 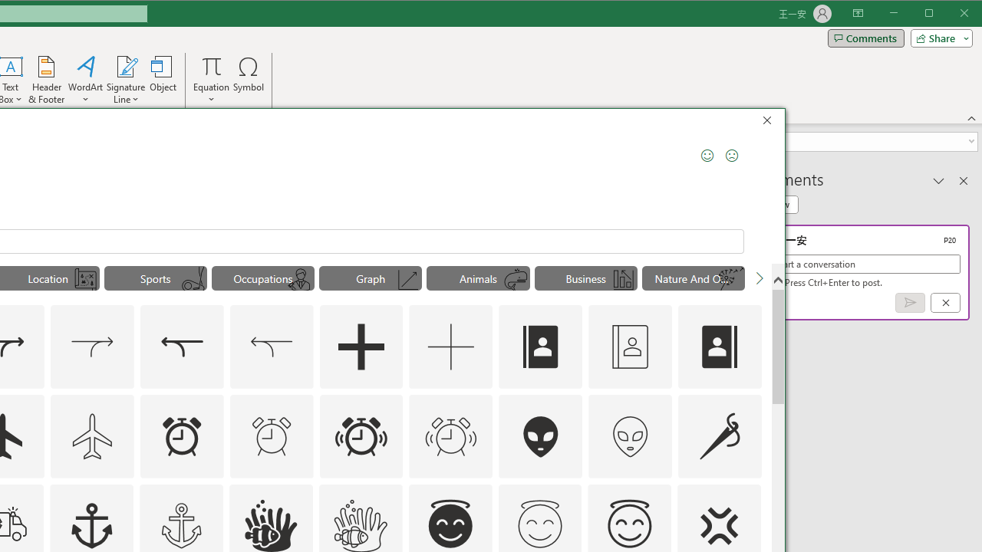 What do you see at coordinates (361, 347) in the screenshot?
I see `'AutomationID: Icons_Add'` at bounding box center [361, 347].